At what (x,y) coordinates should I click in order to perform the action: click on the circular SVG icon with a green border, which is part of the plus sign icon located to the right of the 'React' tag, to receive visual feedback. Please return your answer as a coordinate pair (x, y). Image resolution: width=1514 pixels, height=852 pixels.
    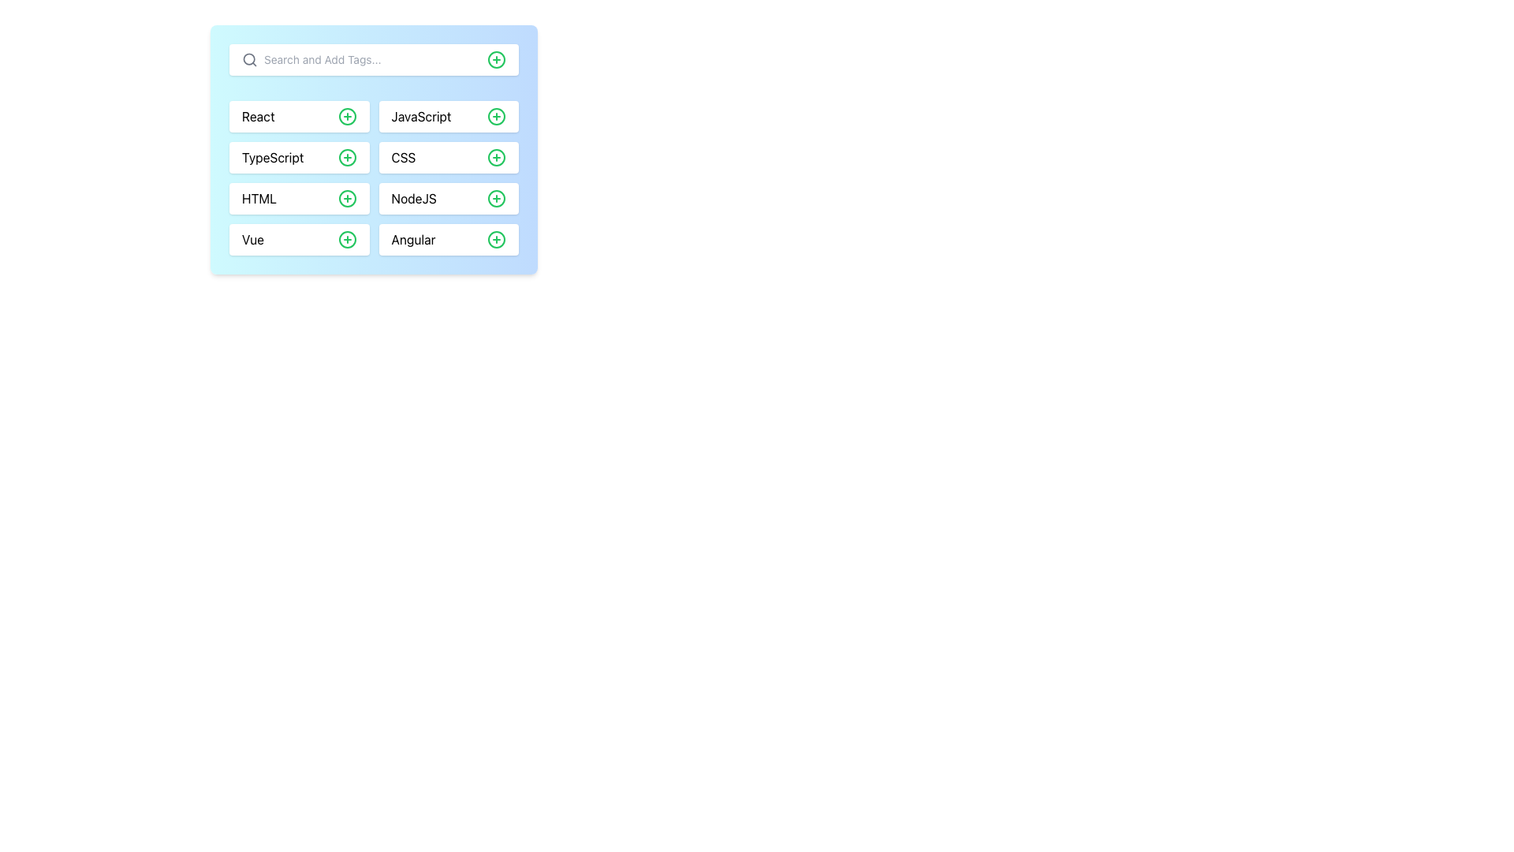
    Looking at the image, I should click on (346, 115).